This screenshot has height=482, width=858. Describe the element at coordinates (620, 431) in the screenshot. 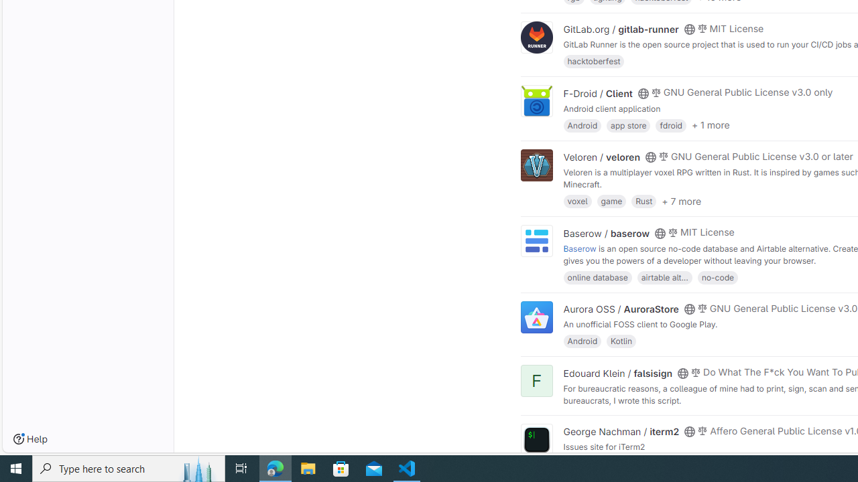

I see `'George Nachman / iterm2'` at that location.